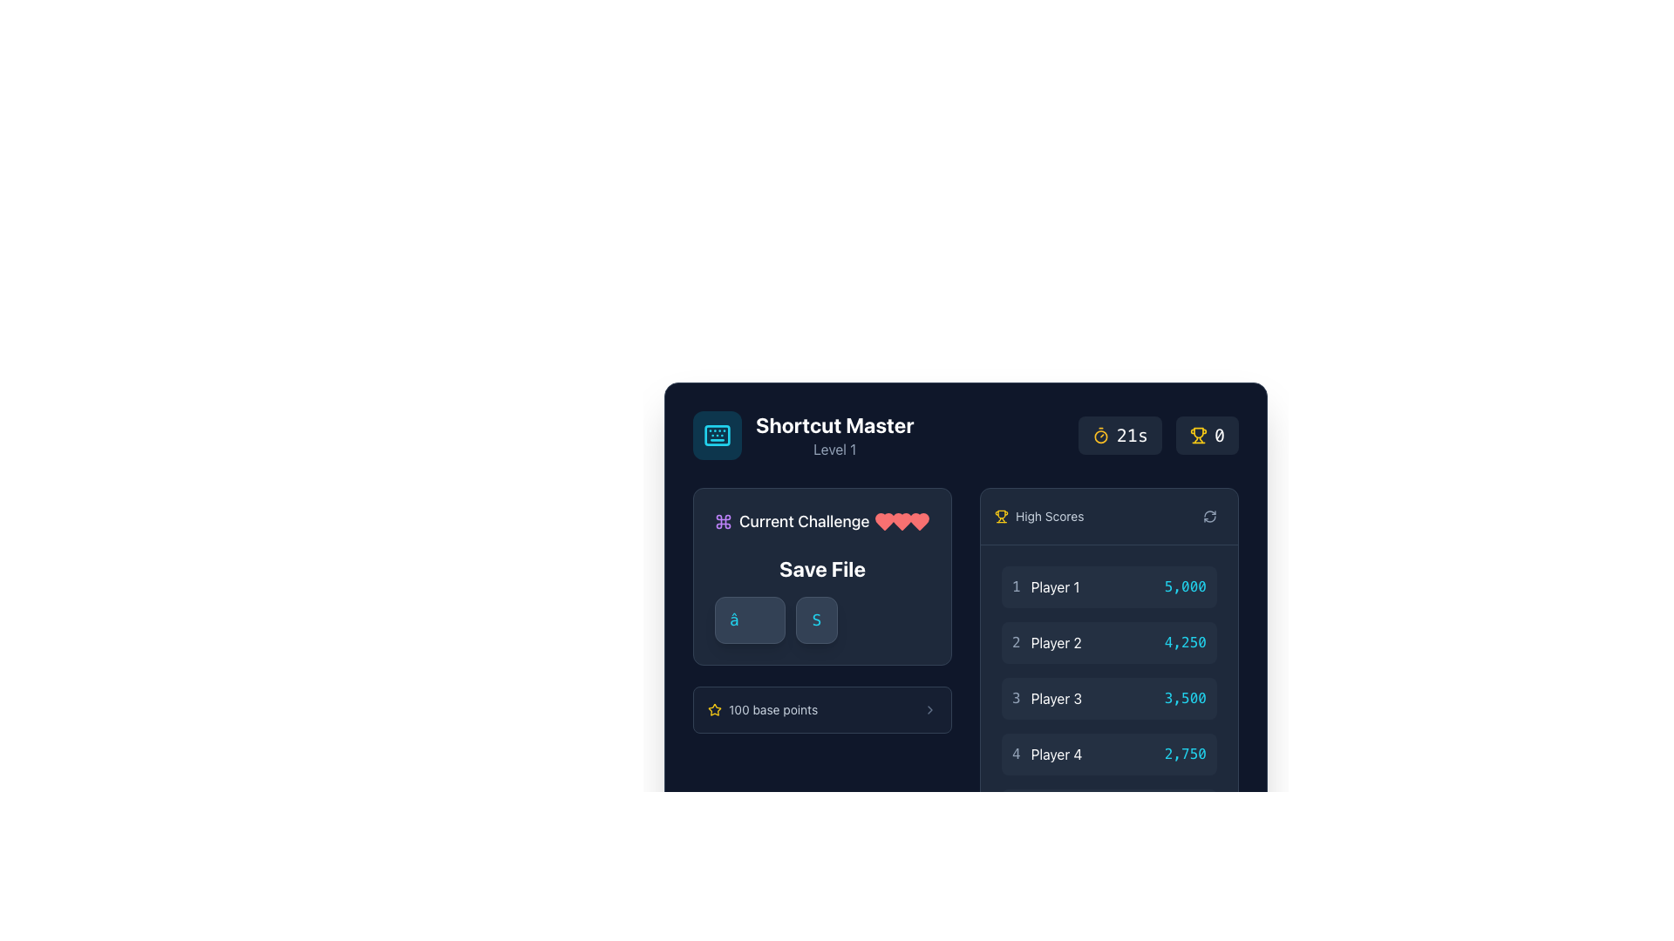  What do you see at coordinates (1049, 516) in the screenshot?
I see `the 'High Scores' label, which is styled in small slate-gray font and positioned to the right of a yellow trophy icon in the high scores panel` at bounding box center [1049, 516].